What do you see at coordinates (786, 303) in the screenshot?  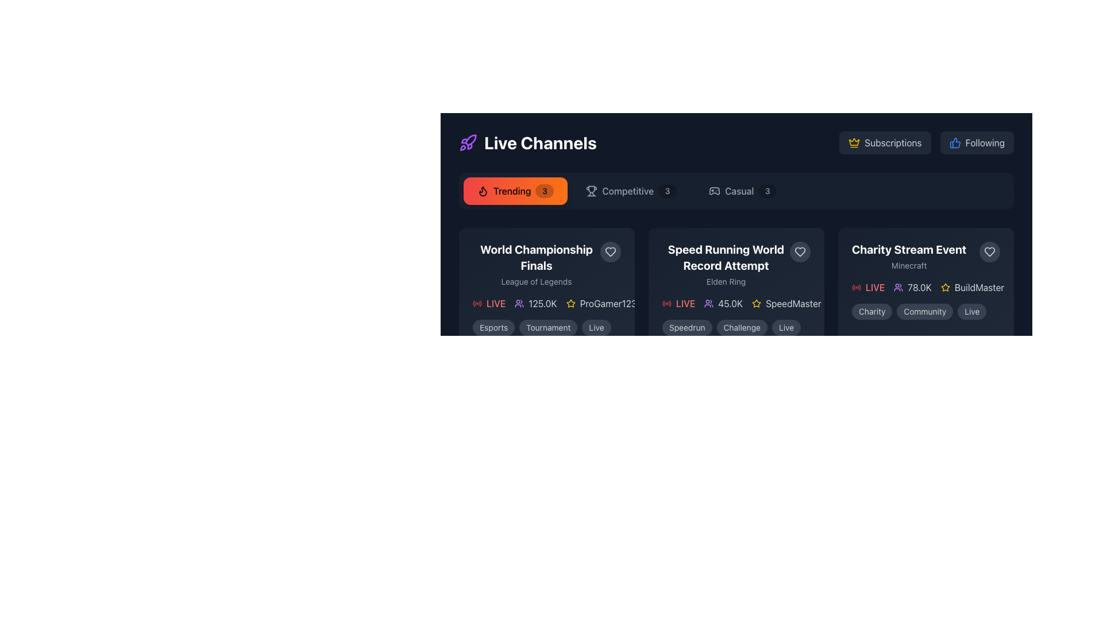 I see `the yellow outlined star icon adjacent to the text 'SpeedMaster' located at the bottom right corner of the live stream card for 'Speed Running World Record Attempt'` at bounding box center [786, 303].